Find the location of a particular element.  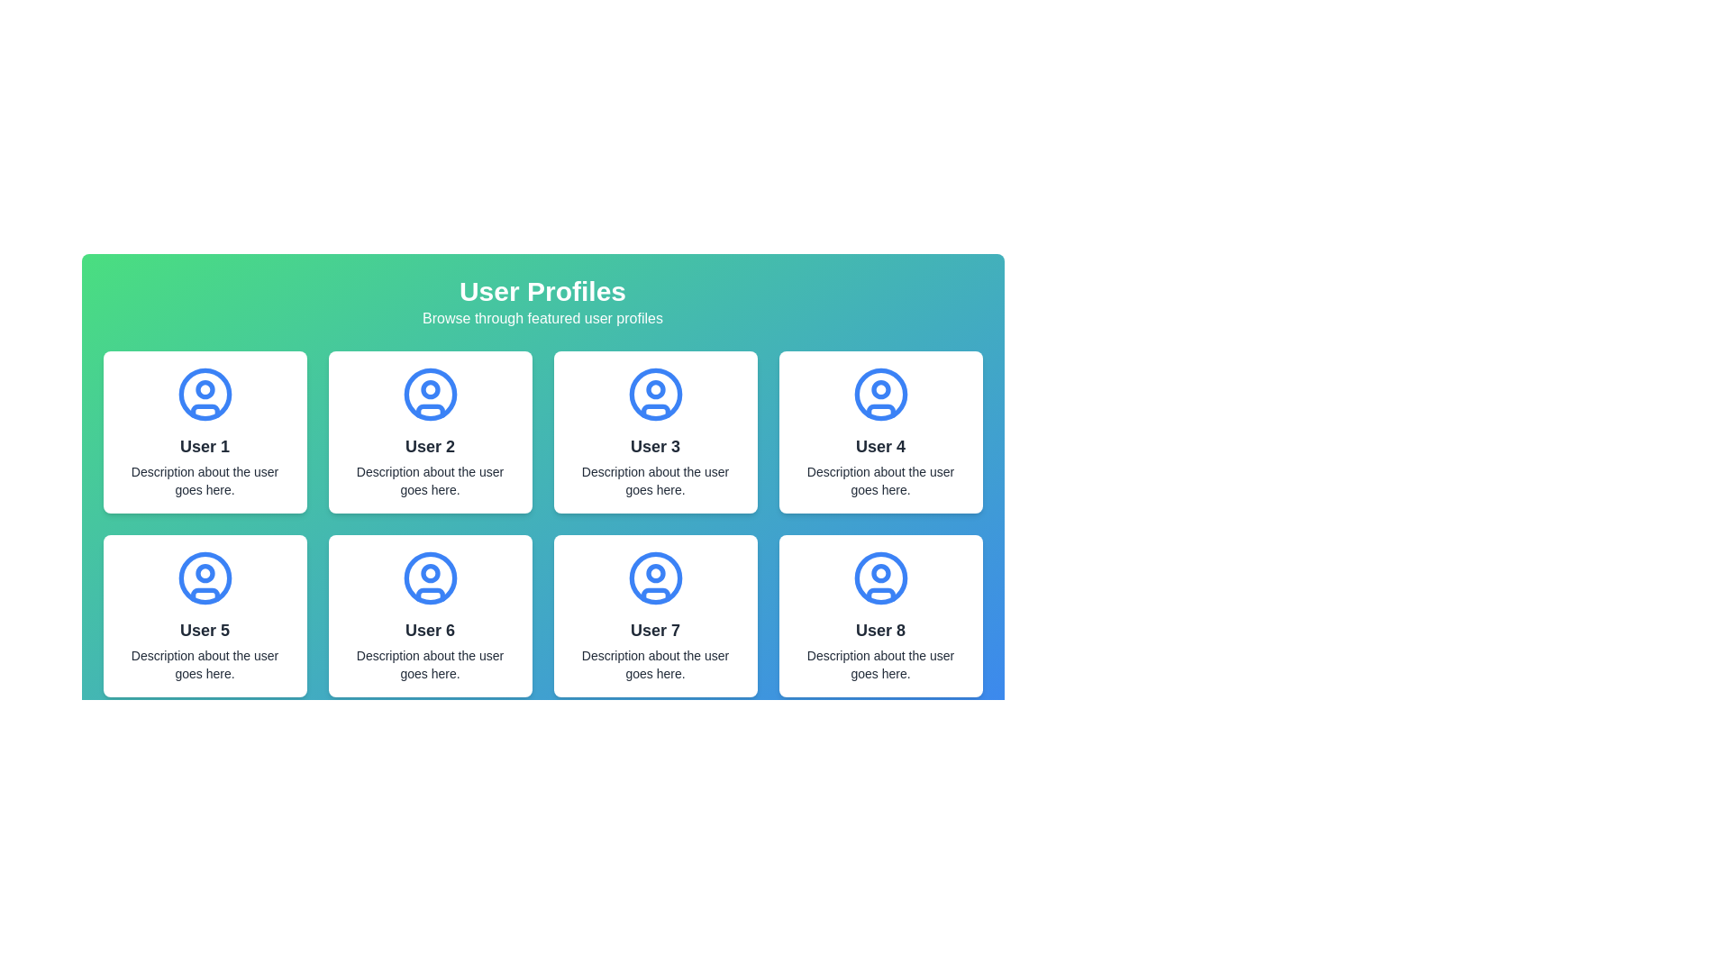

the 'User 8' text label, which is displayed in a bold and large font style, located in the bottom-right position of a user information card within a 3x3 grid of cards is located at coordinates (880, 629).